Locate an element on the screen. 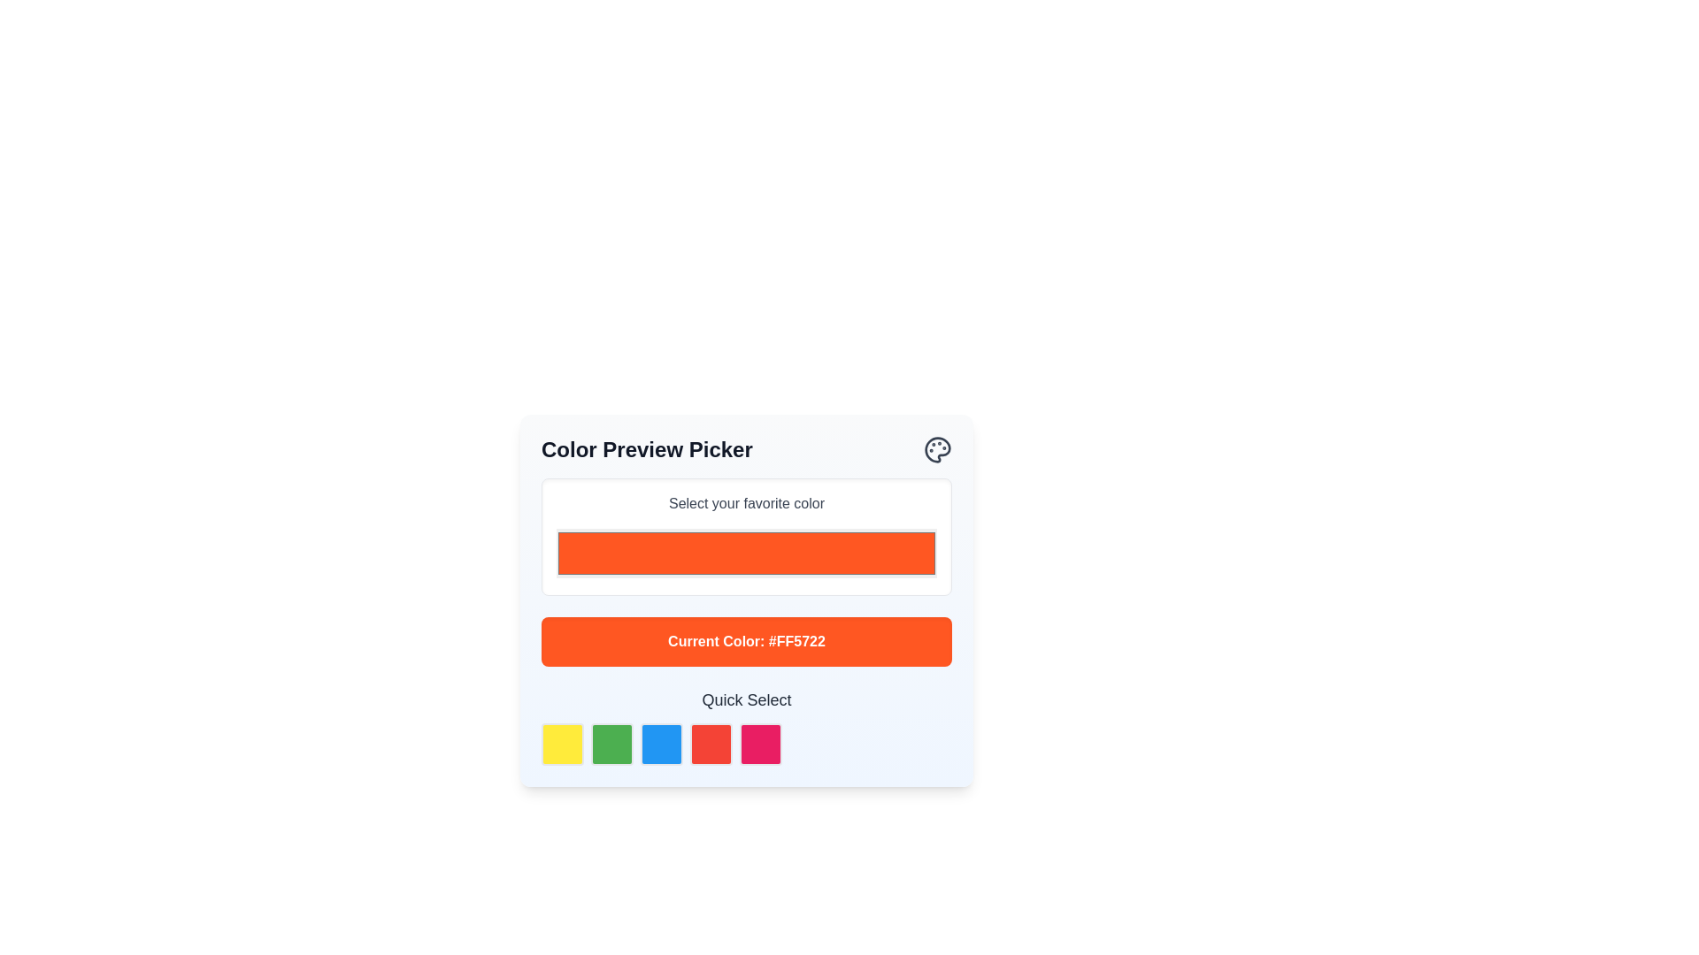 This screenshot has width=1699, height=955. the text label that reads 'Select your favorite color.' is located at coordinates (747, 504).